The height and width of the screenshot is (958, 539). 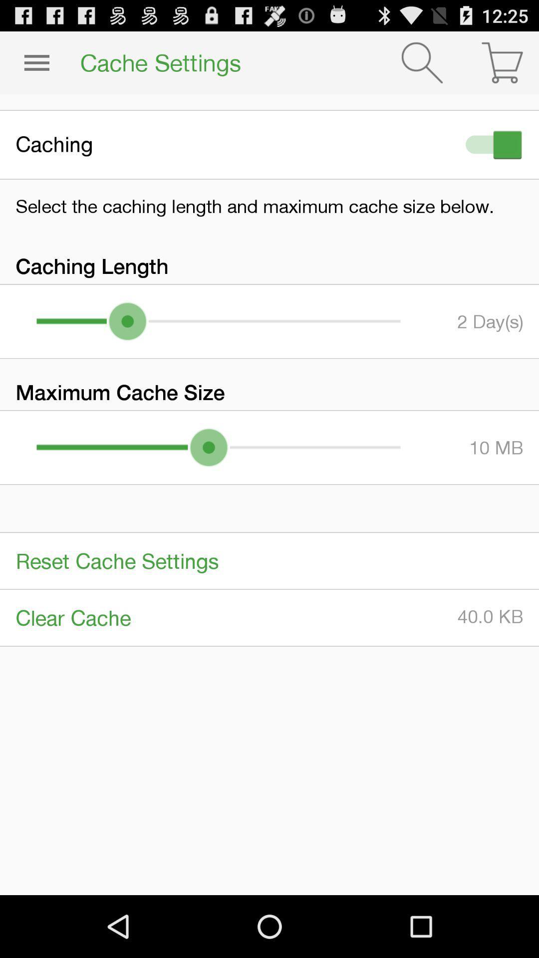 What do you see at coordinates (422, 62) in the screenshot?
I see `search` at bounding box center [422, 62].